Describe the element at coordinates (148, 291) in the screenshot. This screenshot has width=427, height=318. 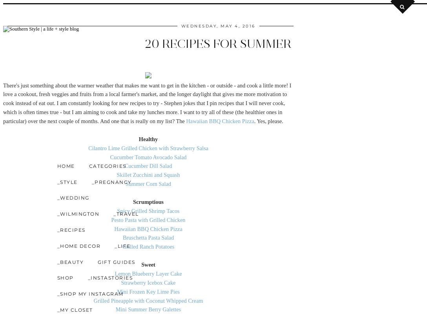
I see `'Mini Frozen Key Lime Pies'` at that location.